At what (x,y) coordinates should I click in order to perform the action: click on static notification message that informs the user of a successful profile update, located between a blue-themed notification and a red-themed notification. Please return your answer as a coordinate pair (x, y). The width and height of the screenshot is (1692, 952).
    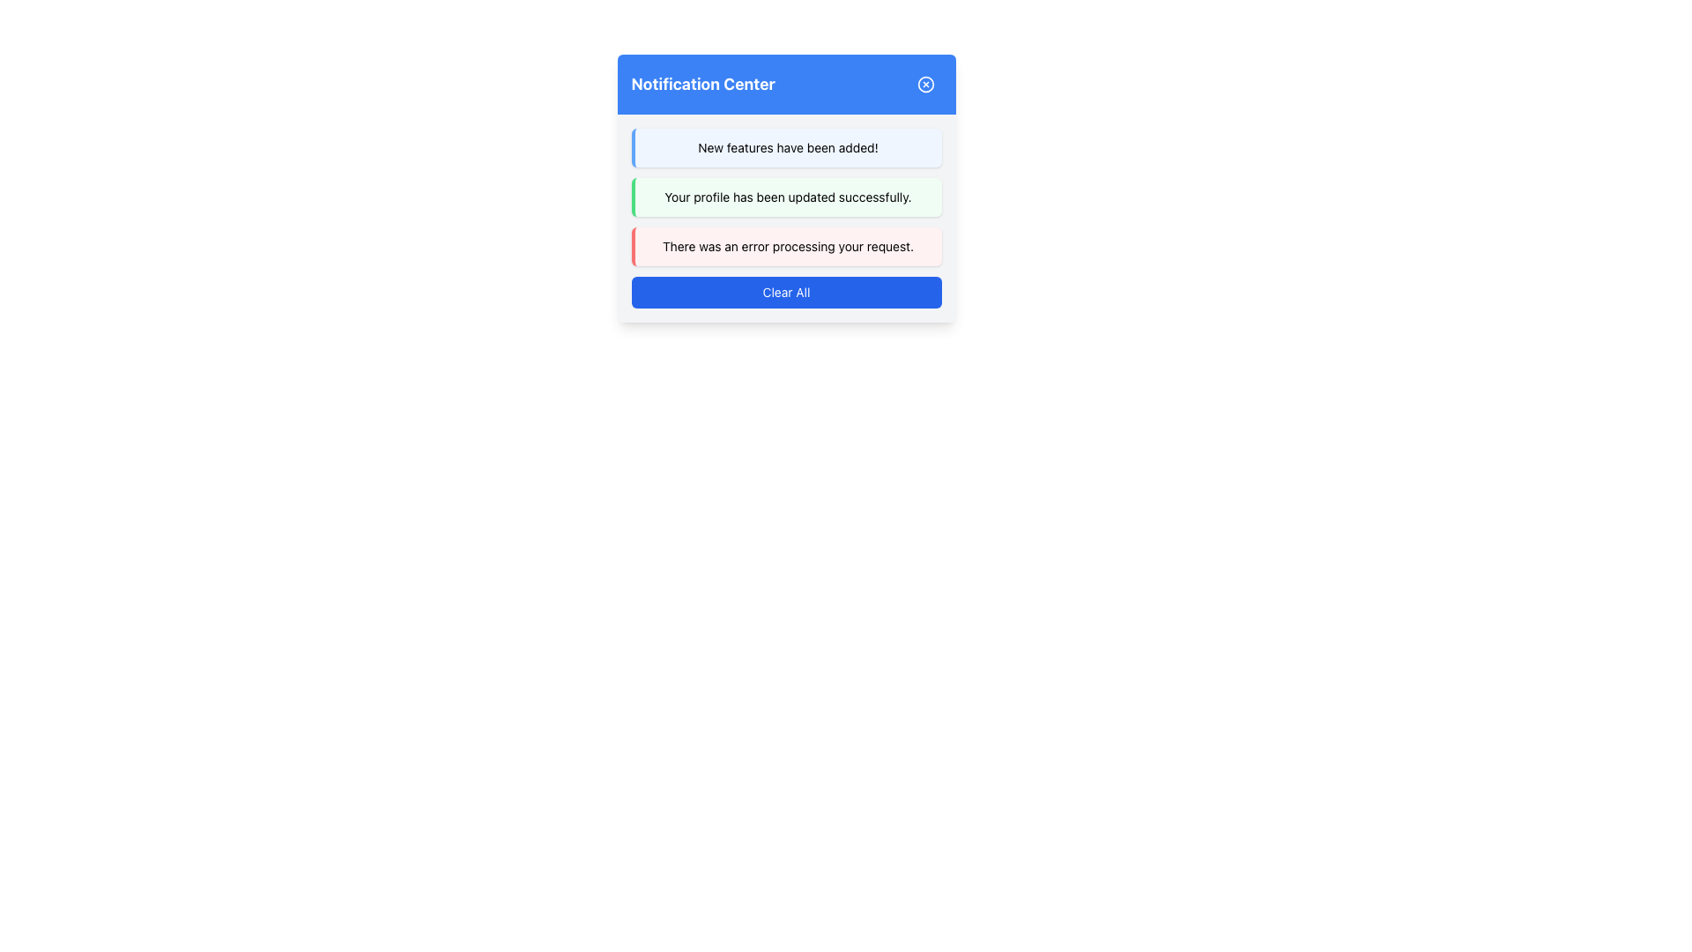
    Looking at the image, I should click on (785, 197).